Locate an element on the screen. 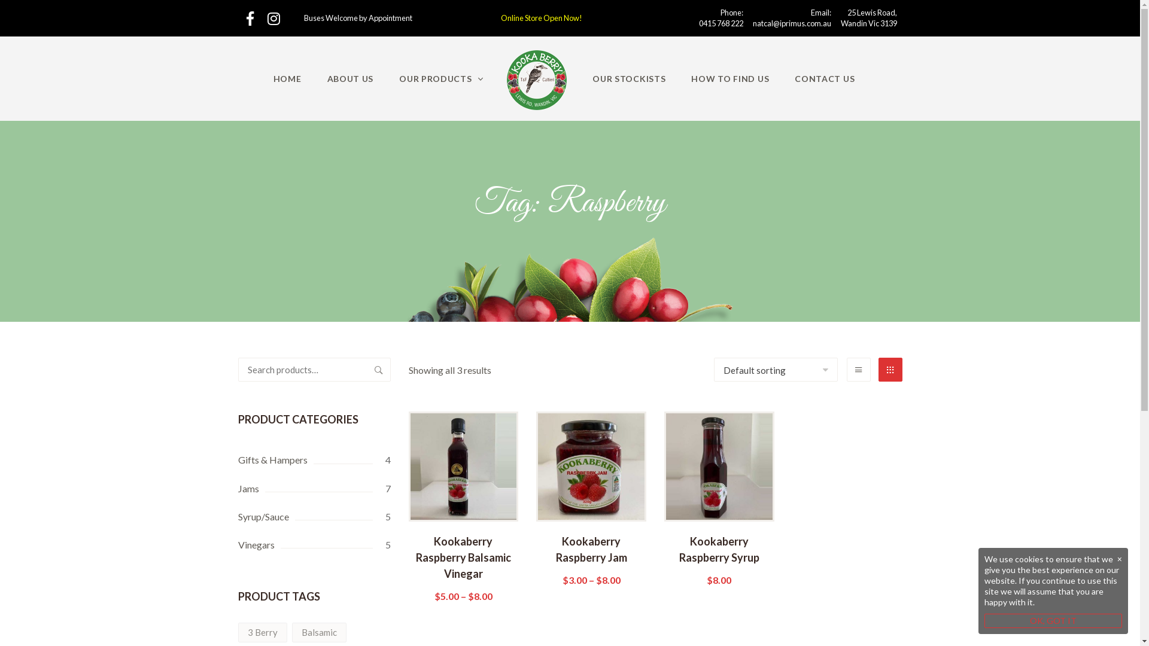 The height and width of the screenshot is (646, 1149). '0415 768 222' is located at coordinates (720, 23).